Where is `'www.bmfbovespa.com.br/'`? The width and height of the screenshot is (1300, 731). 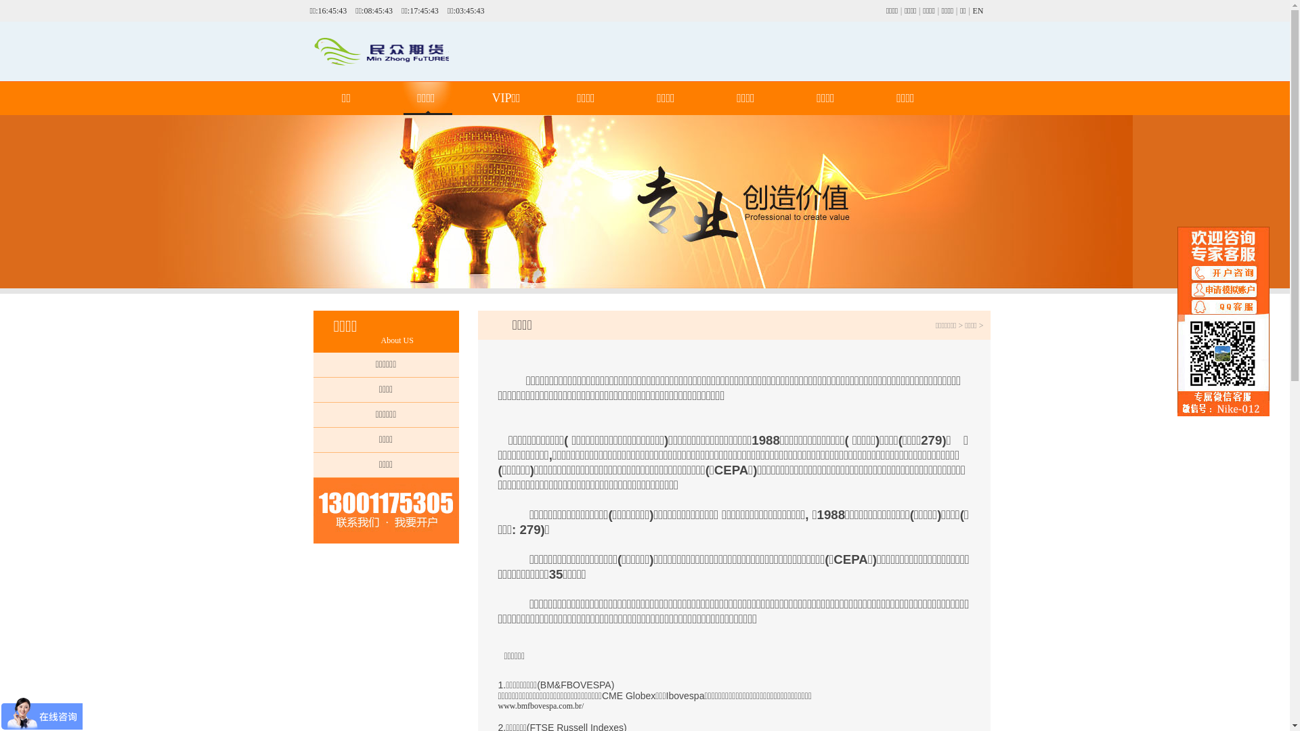 'www.bmfbovespa.com.br/' is located at coordinates (497, 705).